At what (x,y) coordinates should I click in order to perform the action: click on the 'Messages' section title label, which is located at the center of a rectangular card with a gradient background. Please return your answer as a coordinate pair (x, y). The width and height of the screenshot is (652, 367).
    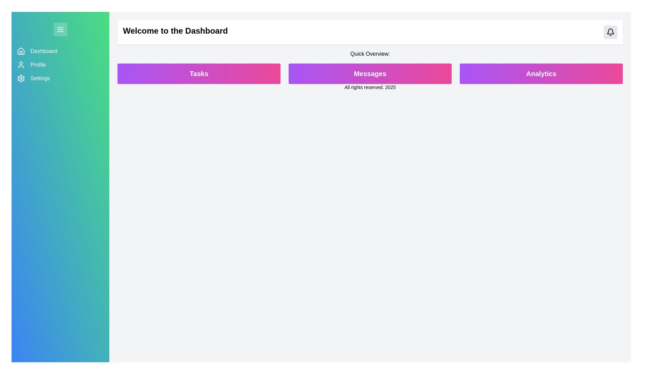
    Looking at the image, I should click on (369, 73).